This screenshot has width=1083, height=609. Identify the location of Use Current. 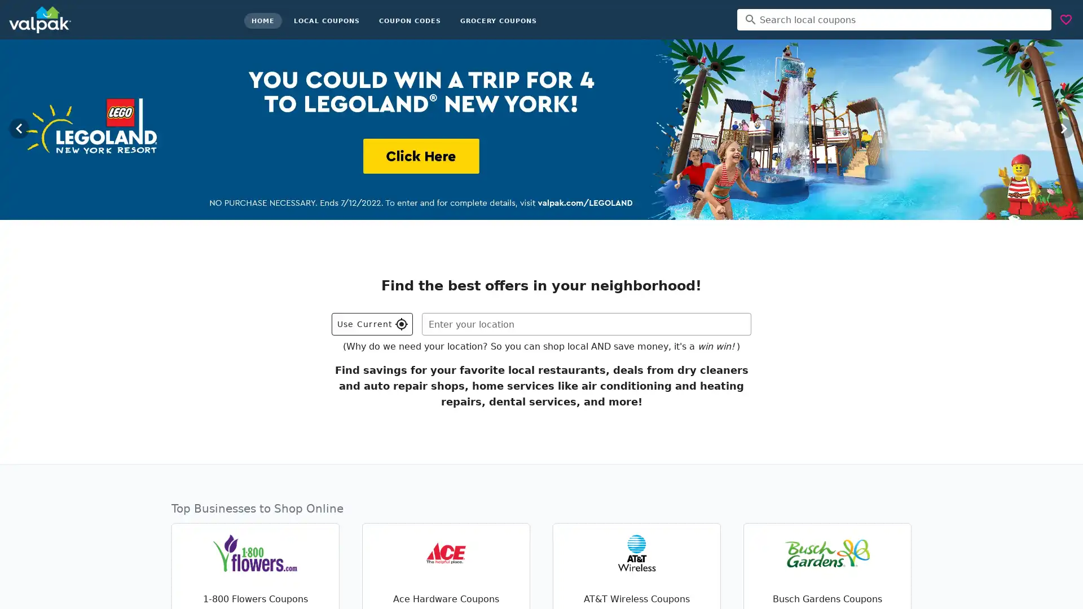
(372, 324).